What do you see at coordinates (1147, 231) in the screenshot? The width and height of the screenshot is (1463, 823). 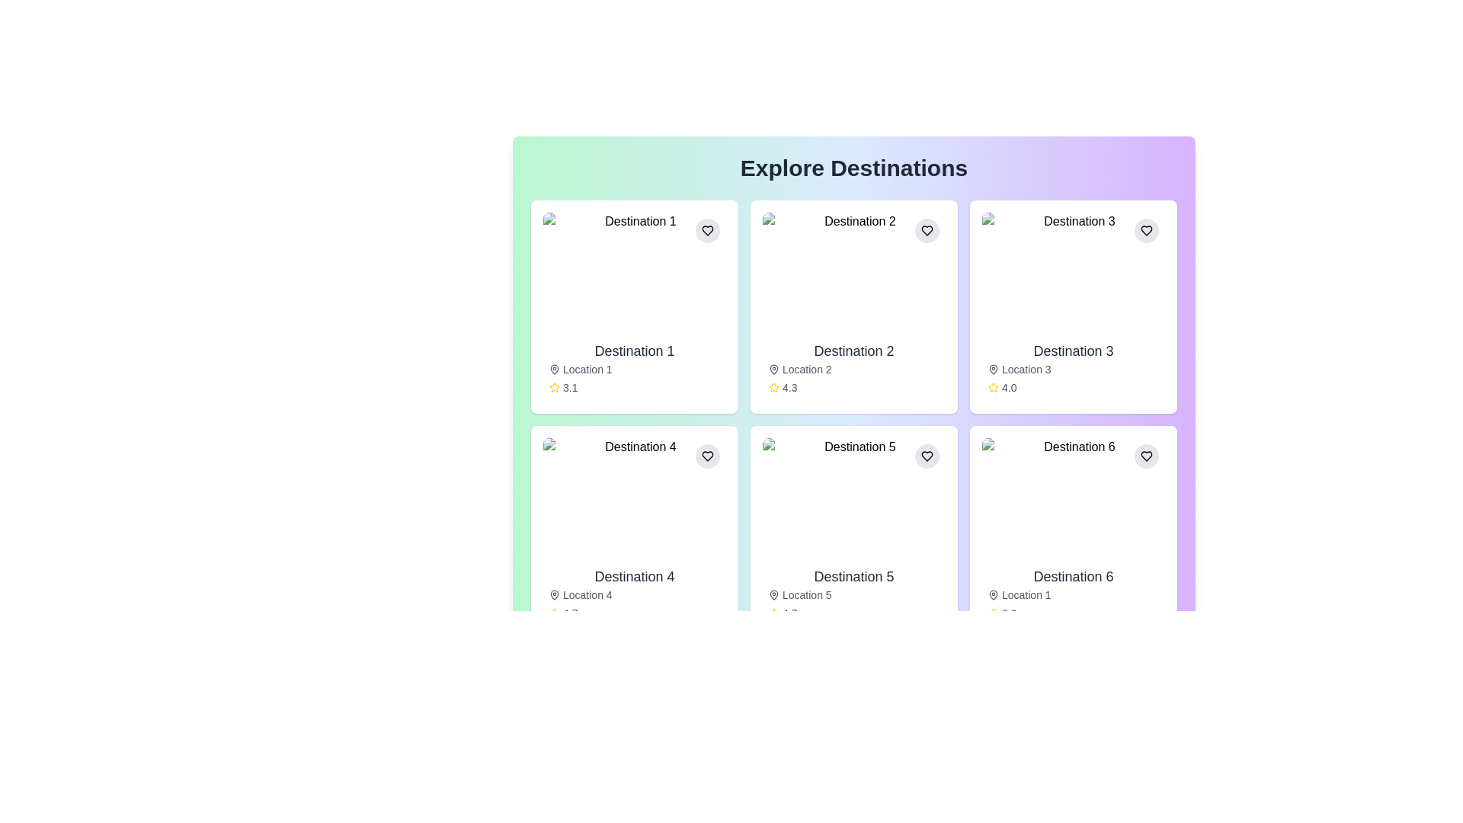 I see `the heart-shaped icon outlined in black` at bounding box center [1147, 231].